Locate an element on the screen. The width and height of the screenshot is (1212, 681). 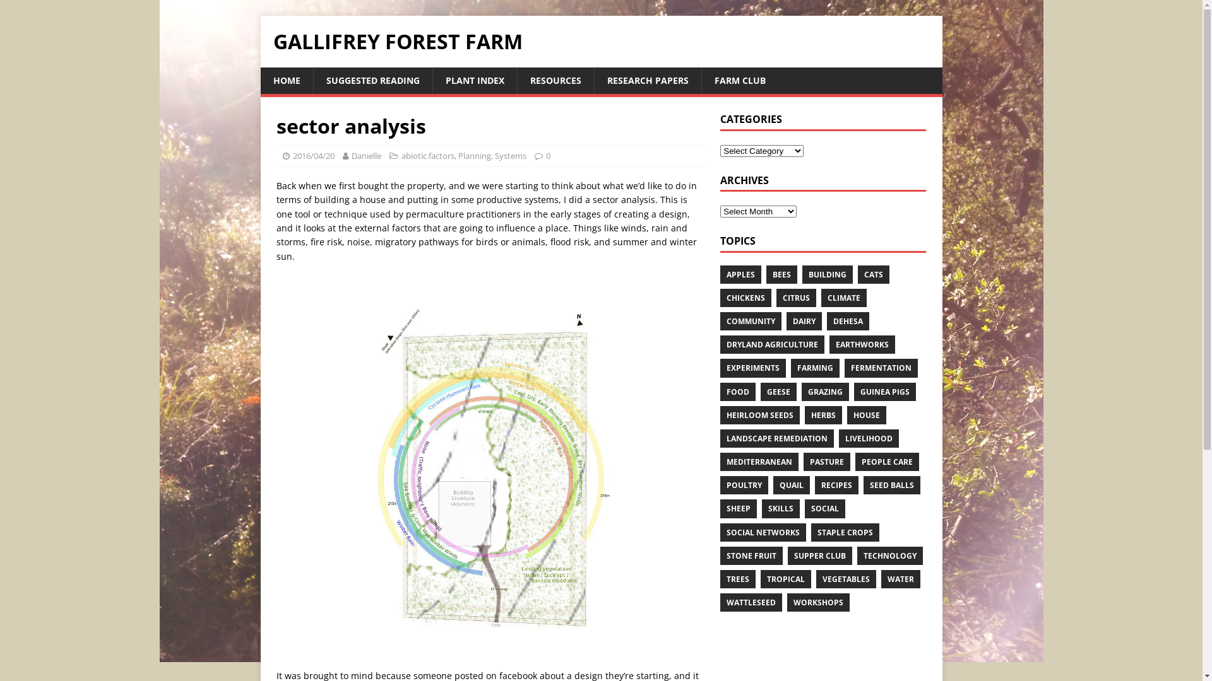
'PASTURE' is located at coordinates (827, 462).